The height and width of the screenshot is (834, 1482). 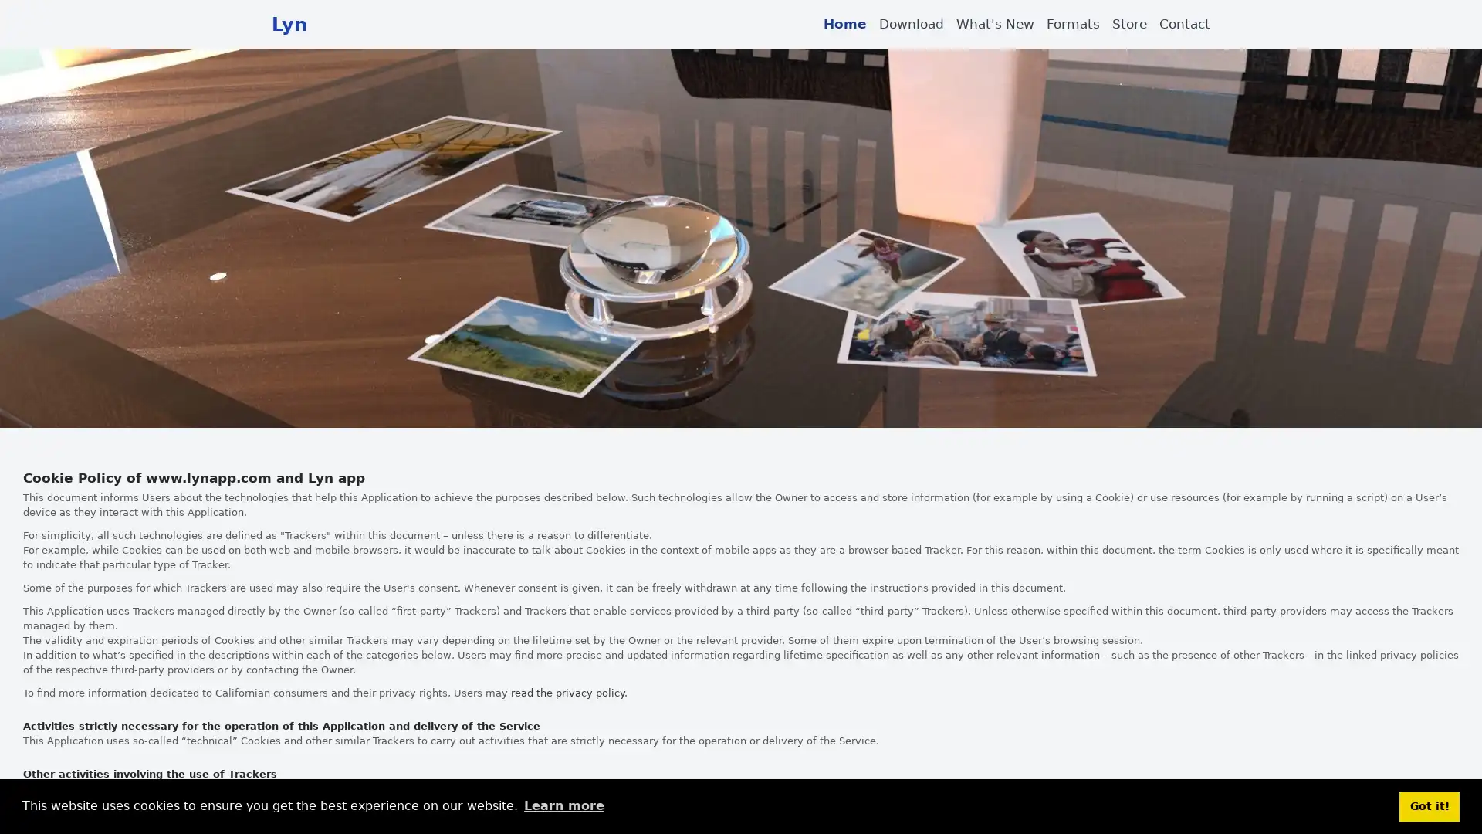 I want to click on dismiss cookie message, so click(x=1429, y=805).